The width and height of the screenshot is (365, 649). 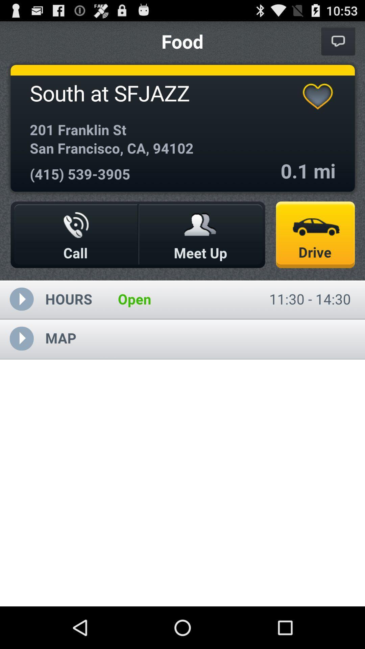 I want to click on the chat icon, so click(x=338, y=44).